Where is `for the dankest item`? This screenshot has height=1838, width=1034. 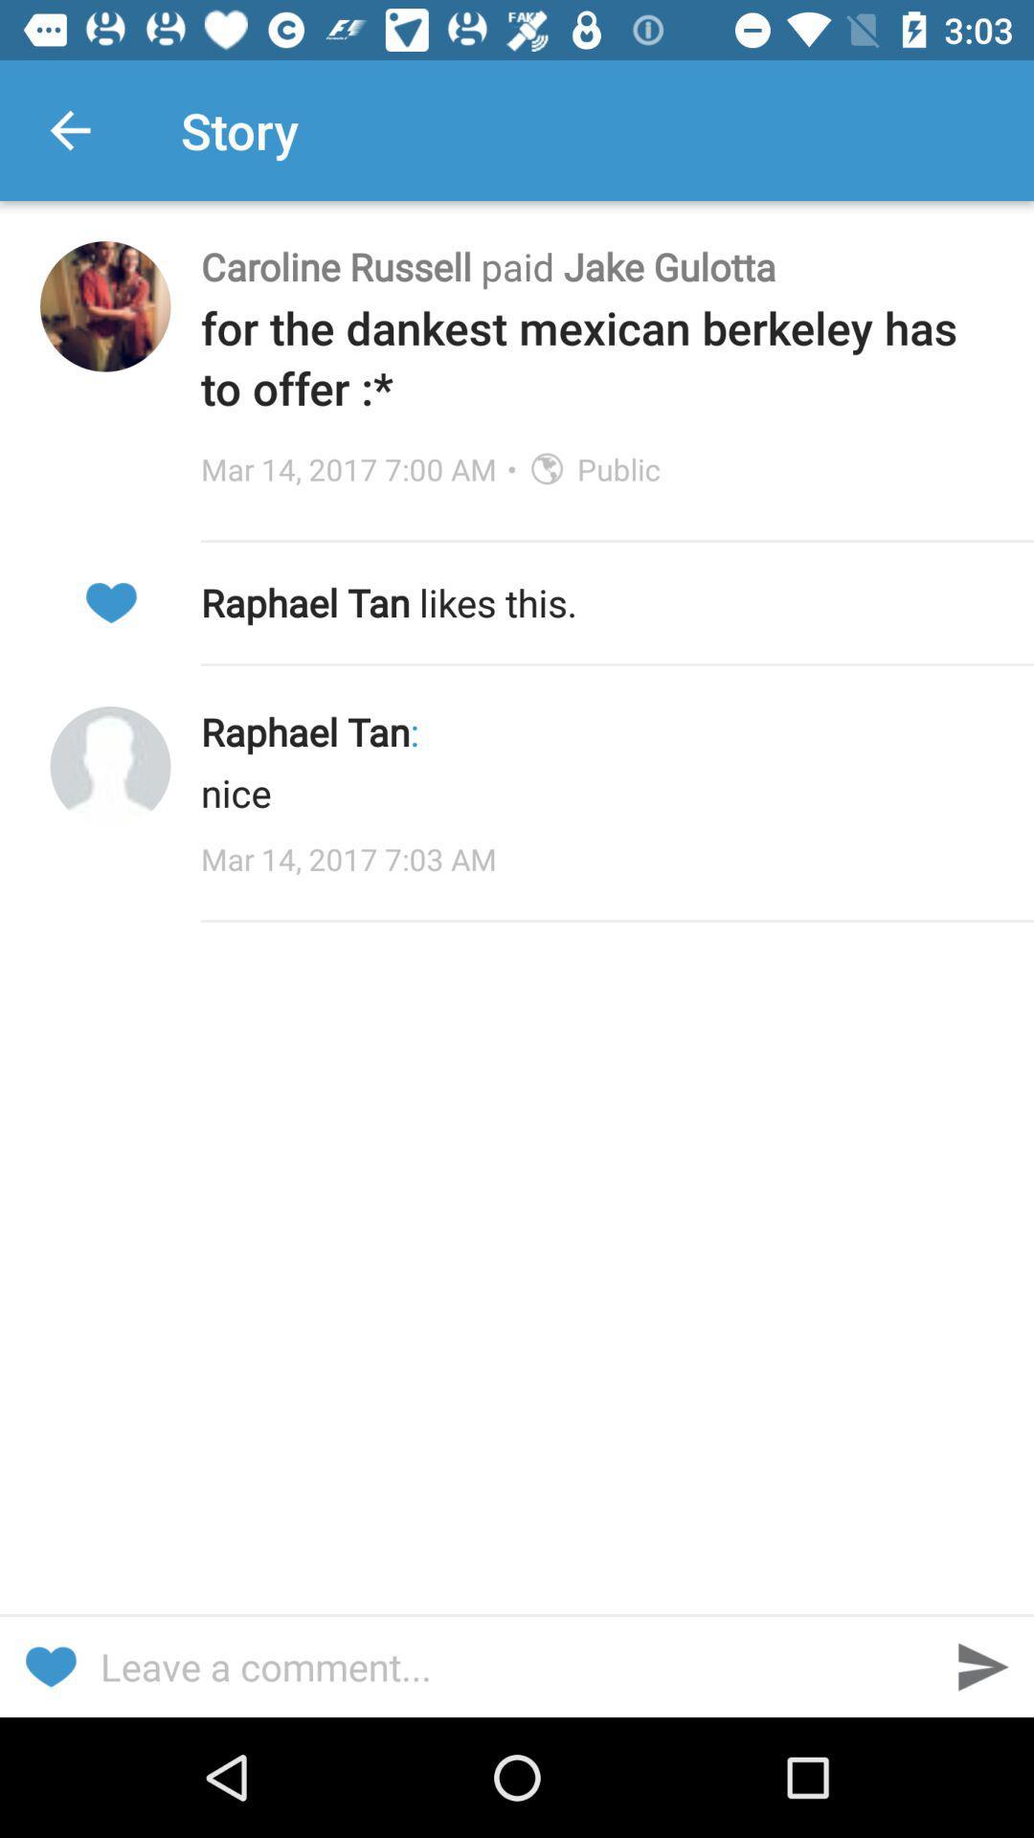
for the dankest item is located at coordinates (596, 357).